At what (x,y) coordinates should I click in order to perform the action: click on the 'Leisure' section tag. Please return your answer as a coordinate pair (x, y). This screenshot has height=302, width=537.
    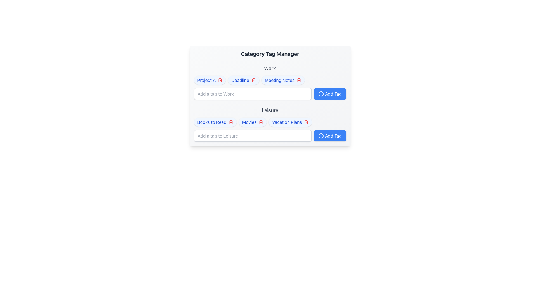
    Looking at the image, I should click on (270, 124).